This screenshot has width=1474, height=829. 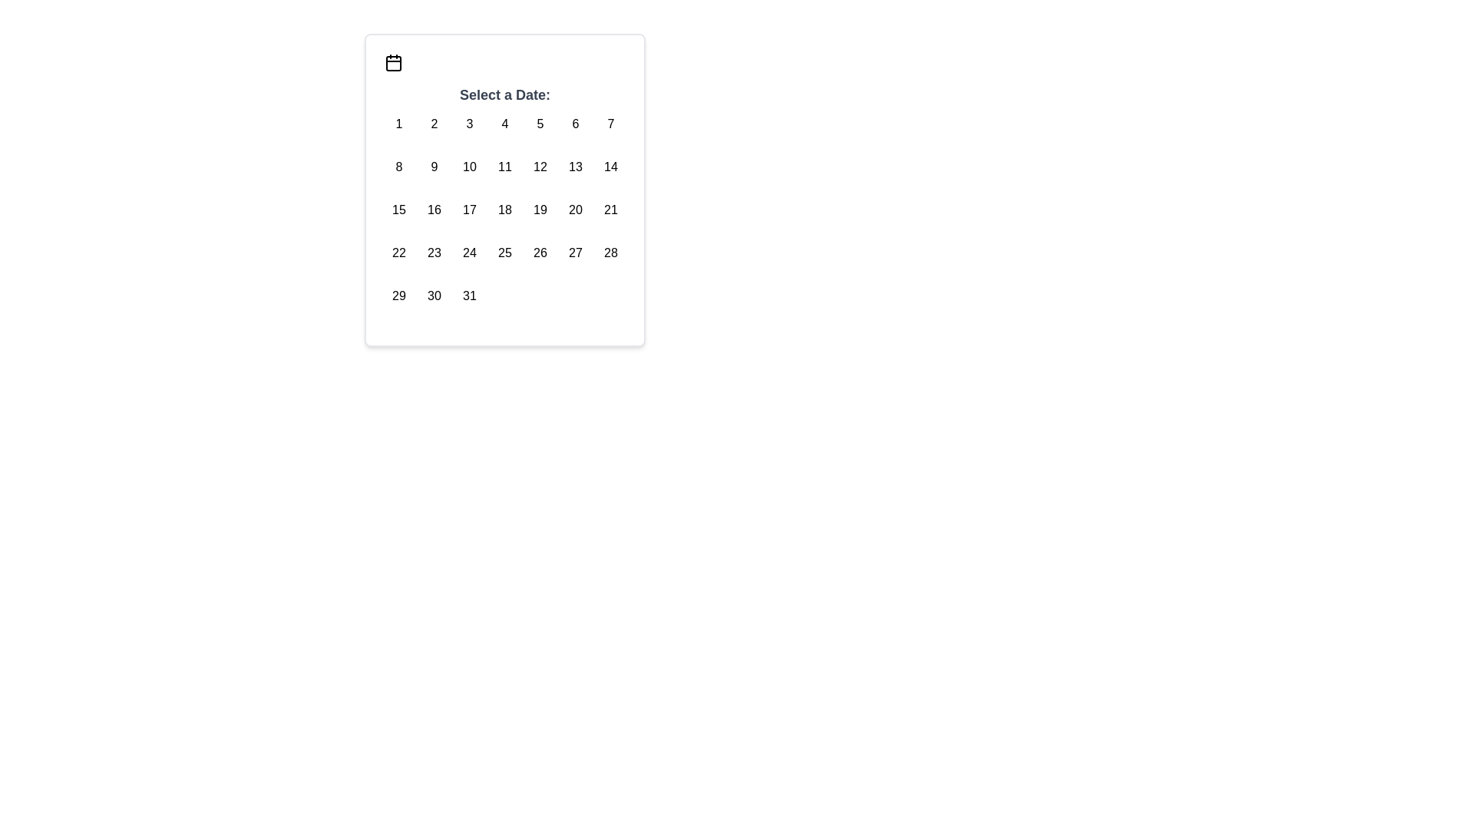 What do you see at coordinates (504, 167) in the screenshot?
I see `the button displaying '11' in the calendar interface` at bounding box center [504, 167].